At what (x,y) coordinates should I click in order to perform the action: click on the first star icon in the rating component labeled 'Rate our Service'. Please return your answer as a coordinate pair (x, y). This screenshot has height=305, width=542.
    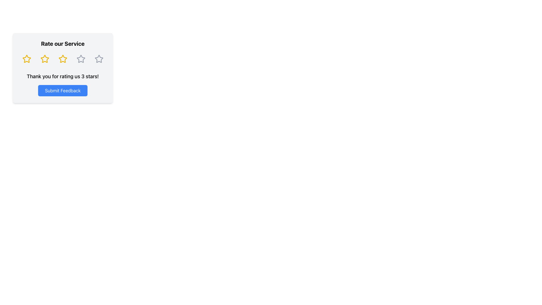
    Looking at the image, I should click on (26, 59).